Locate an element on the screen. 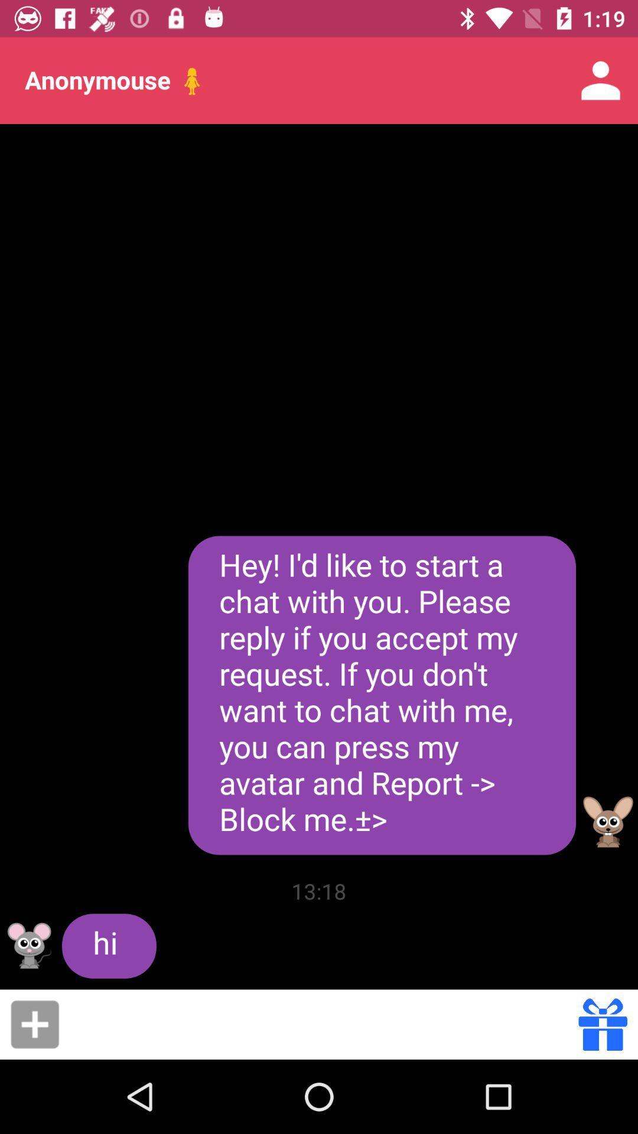  hi  icon is located at coordinates (109, 946).